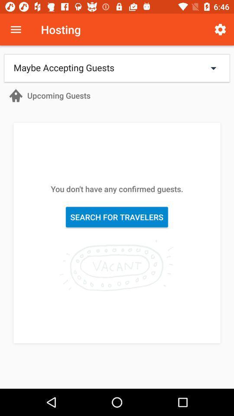 The image size is (234, 416). Describe the element at coordinates (220, 29) in the screenshot. I see `item above the maybe accepting guests icon` at that location.